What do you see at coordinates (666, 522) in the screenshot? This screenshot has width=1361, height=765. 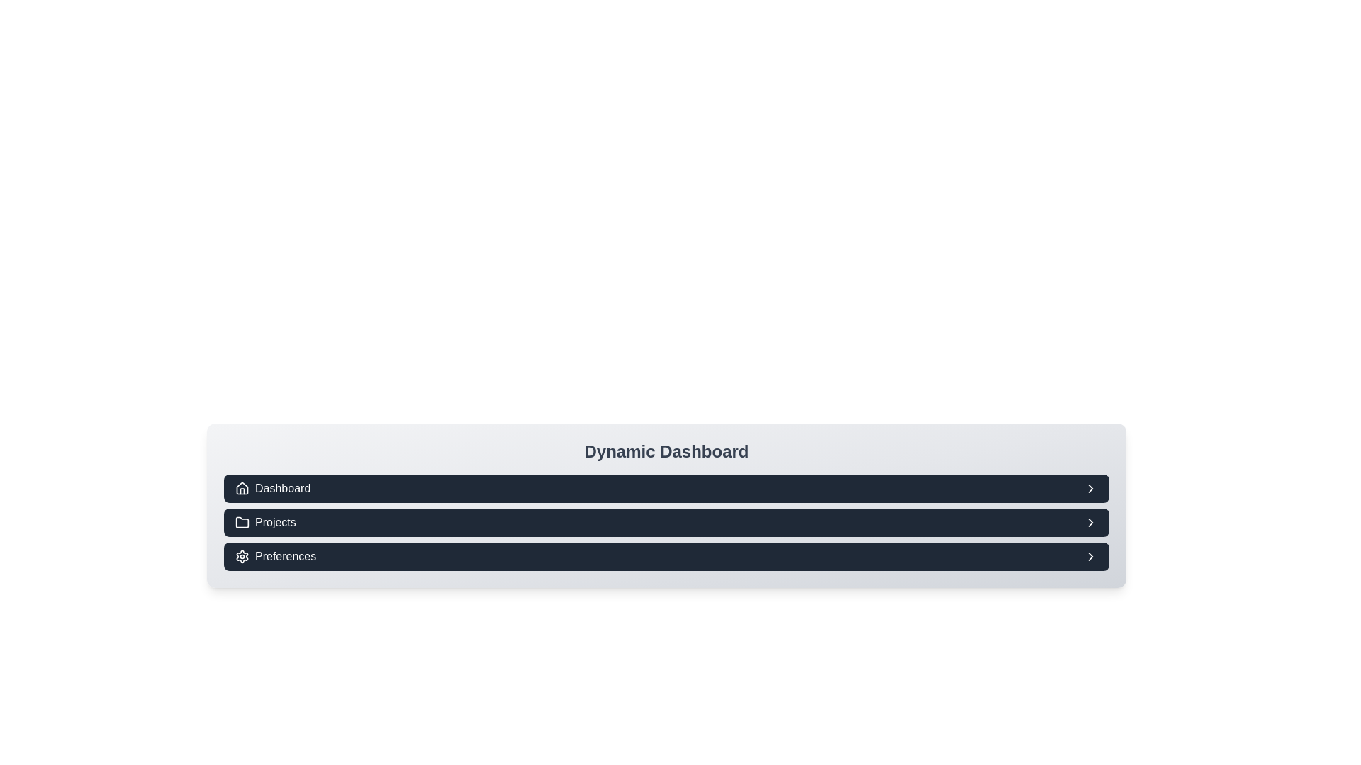 I see `the second entry in the vertical navigation menu, which serves as a navigational link to the 'Projects' section` at bounding box center [666, 522].